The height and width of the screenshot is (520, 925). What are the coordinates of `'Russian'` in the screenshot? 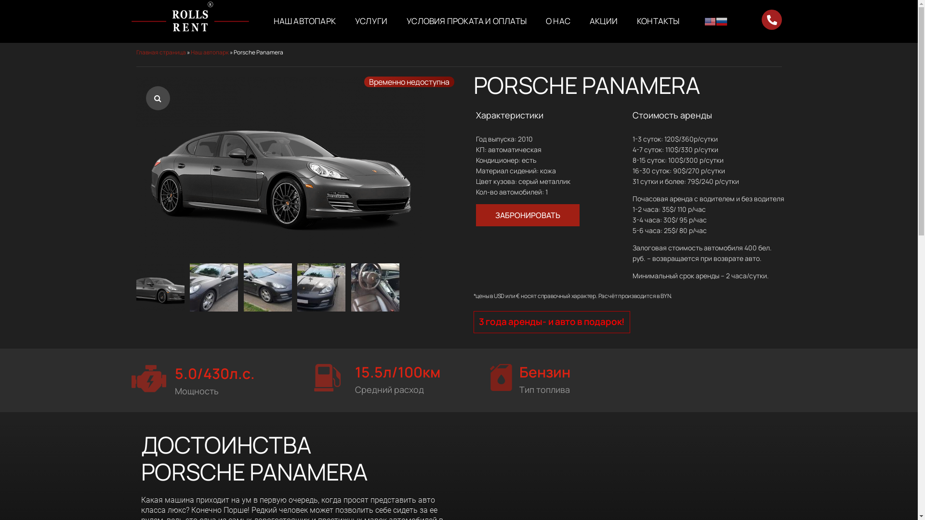 It's located at (721, 21).